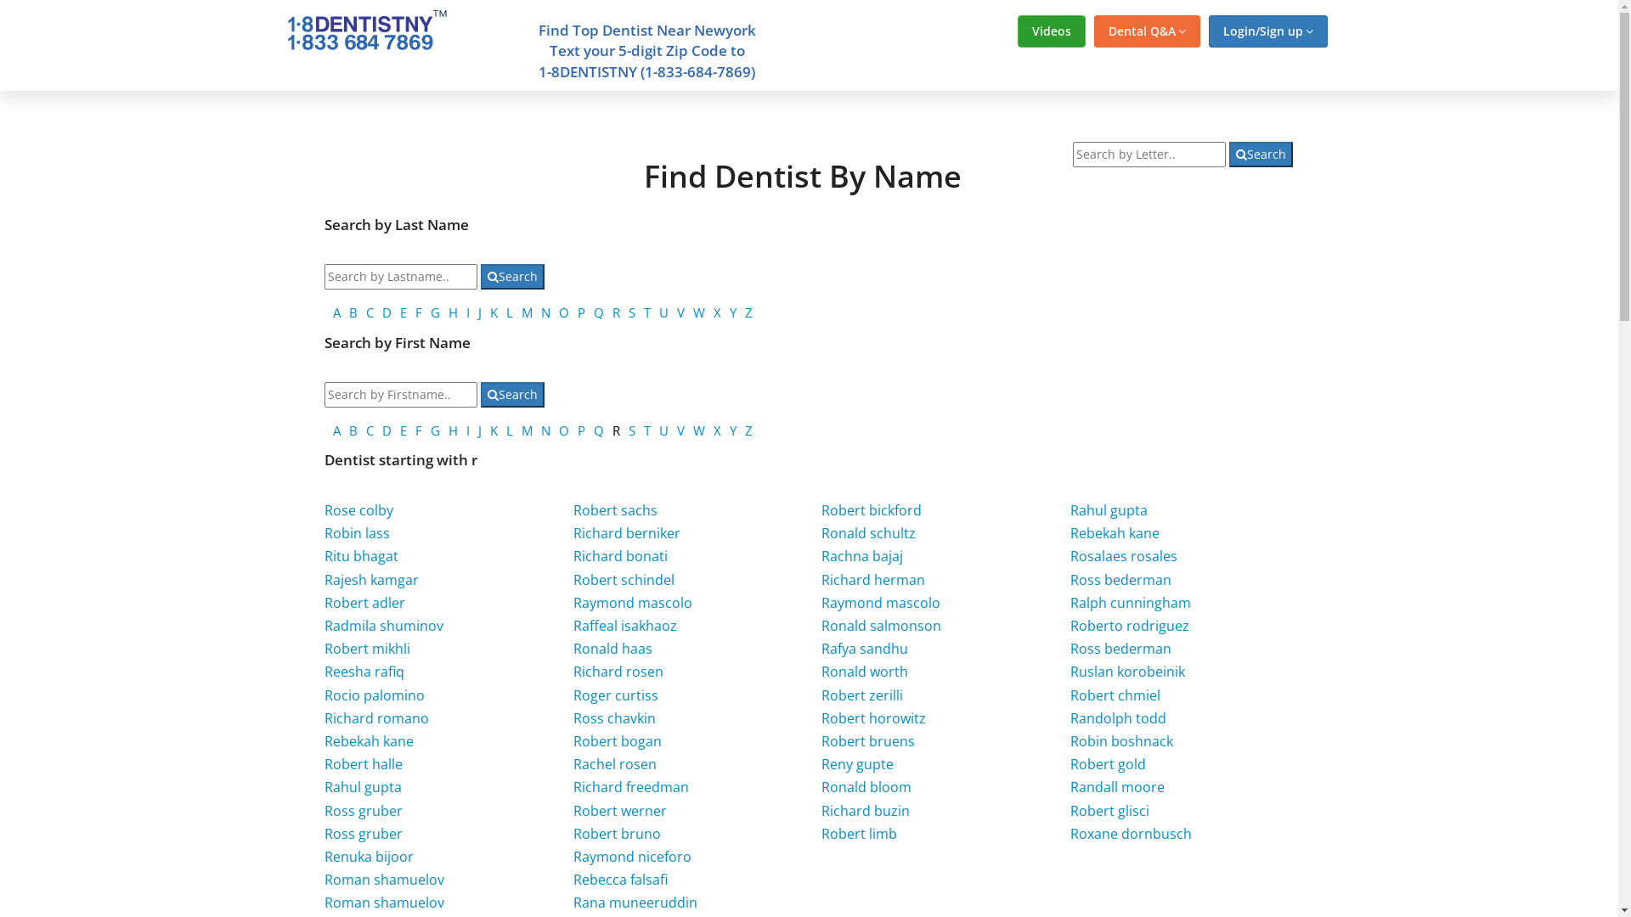 The image size is (1631, 917). What do you see at coordinates (563, 312) in the screenshot?
I see `'O'` at bounding box center [563, 312].